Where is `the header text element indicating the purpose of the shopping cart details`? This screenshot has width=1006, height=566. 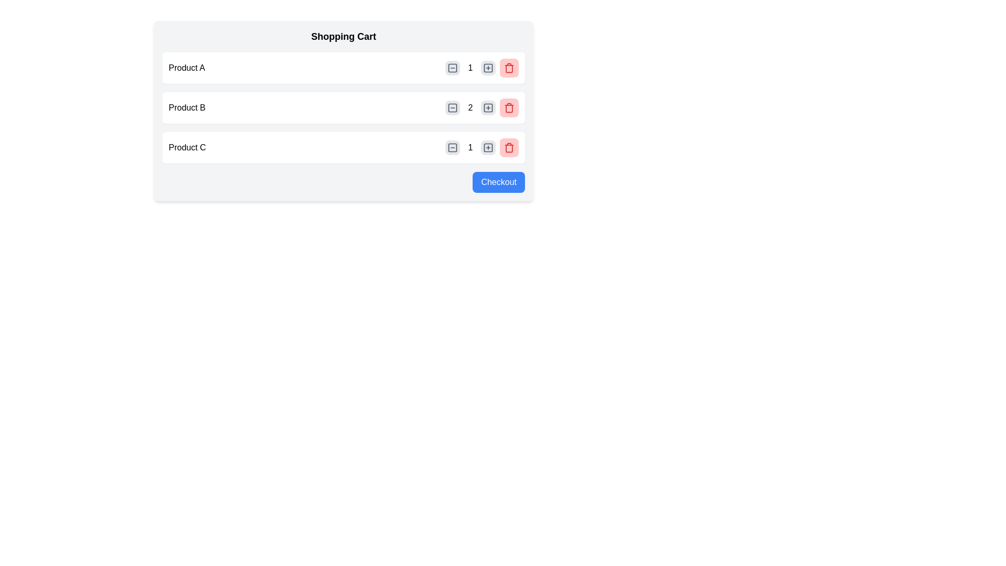
the header text element indicating the purpose of the shopping cart details is located at coordinates (344, 36).